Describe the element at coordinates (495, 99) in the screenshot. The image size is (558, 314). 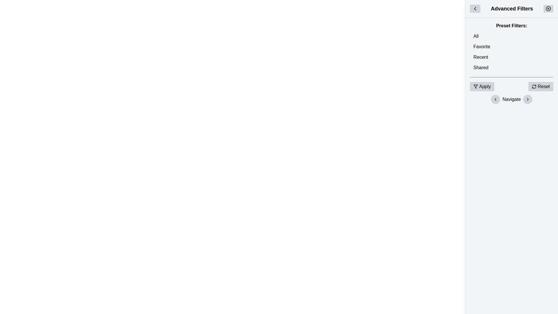
I see `the left-facing chevron icon button located near the top-right area of the pane, specifically on the left side of the 'Navigate' button` at that location.